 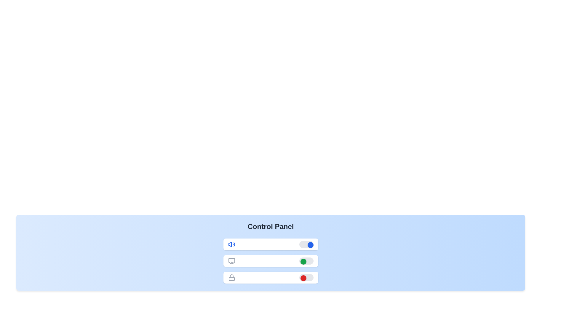 What do you see at coordinates (303, 261) in the screenshot?
I see `the active state indicator of the toggle switch located on the second row of the vertically-aligned control panel` at bounding box center [303, 261].